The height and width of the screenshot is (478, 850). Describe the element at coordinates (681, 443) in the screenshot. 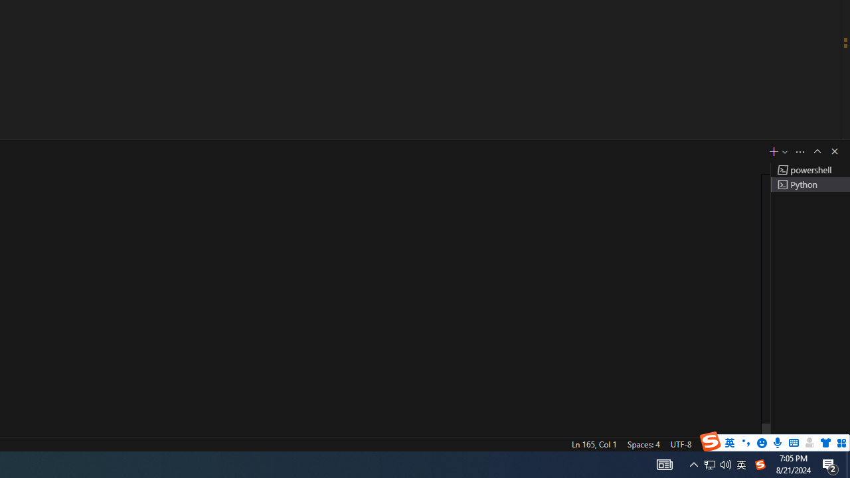

I see `'UTF-8'` at that location.